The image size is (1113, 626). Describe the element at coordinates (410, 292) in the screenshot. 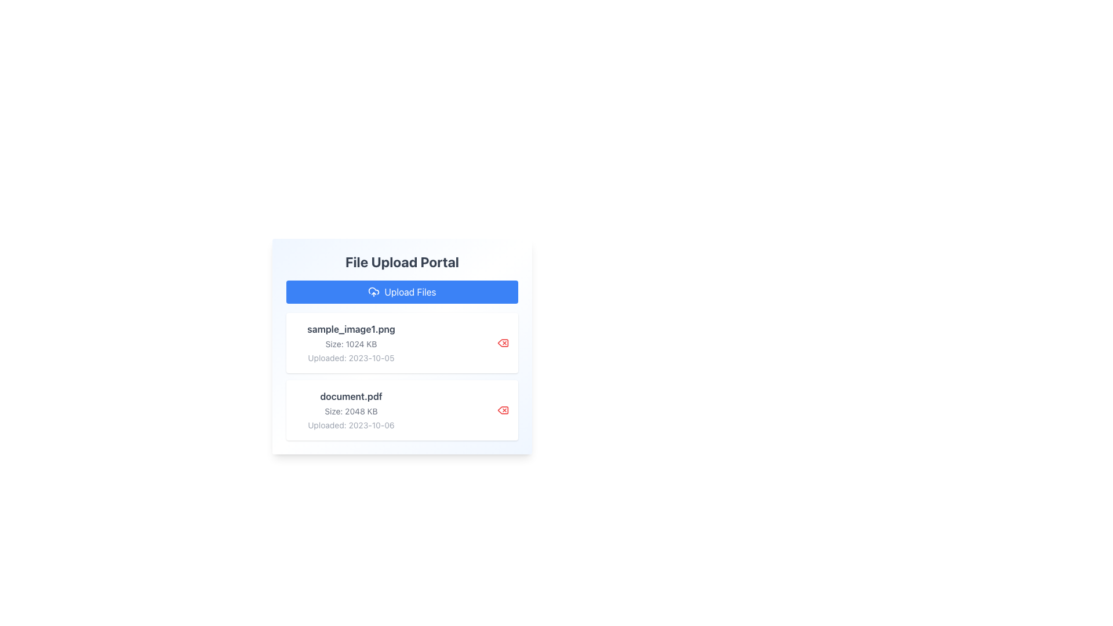

I see `static text 'Upload Files' displayed in white on a blue background, located centrally at the top of the file upload interface` at that location.